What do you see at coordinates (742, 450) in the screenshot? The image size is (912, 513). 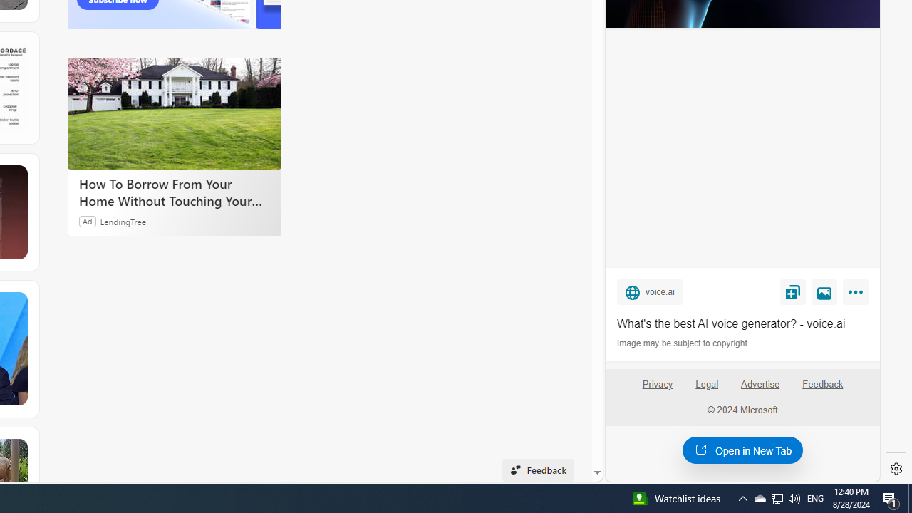 I see `'Open in New Tab'` at bounding box center [742, 450].